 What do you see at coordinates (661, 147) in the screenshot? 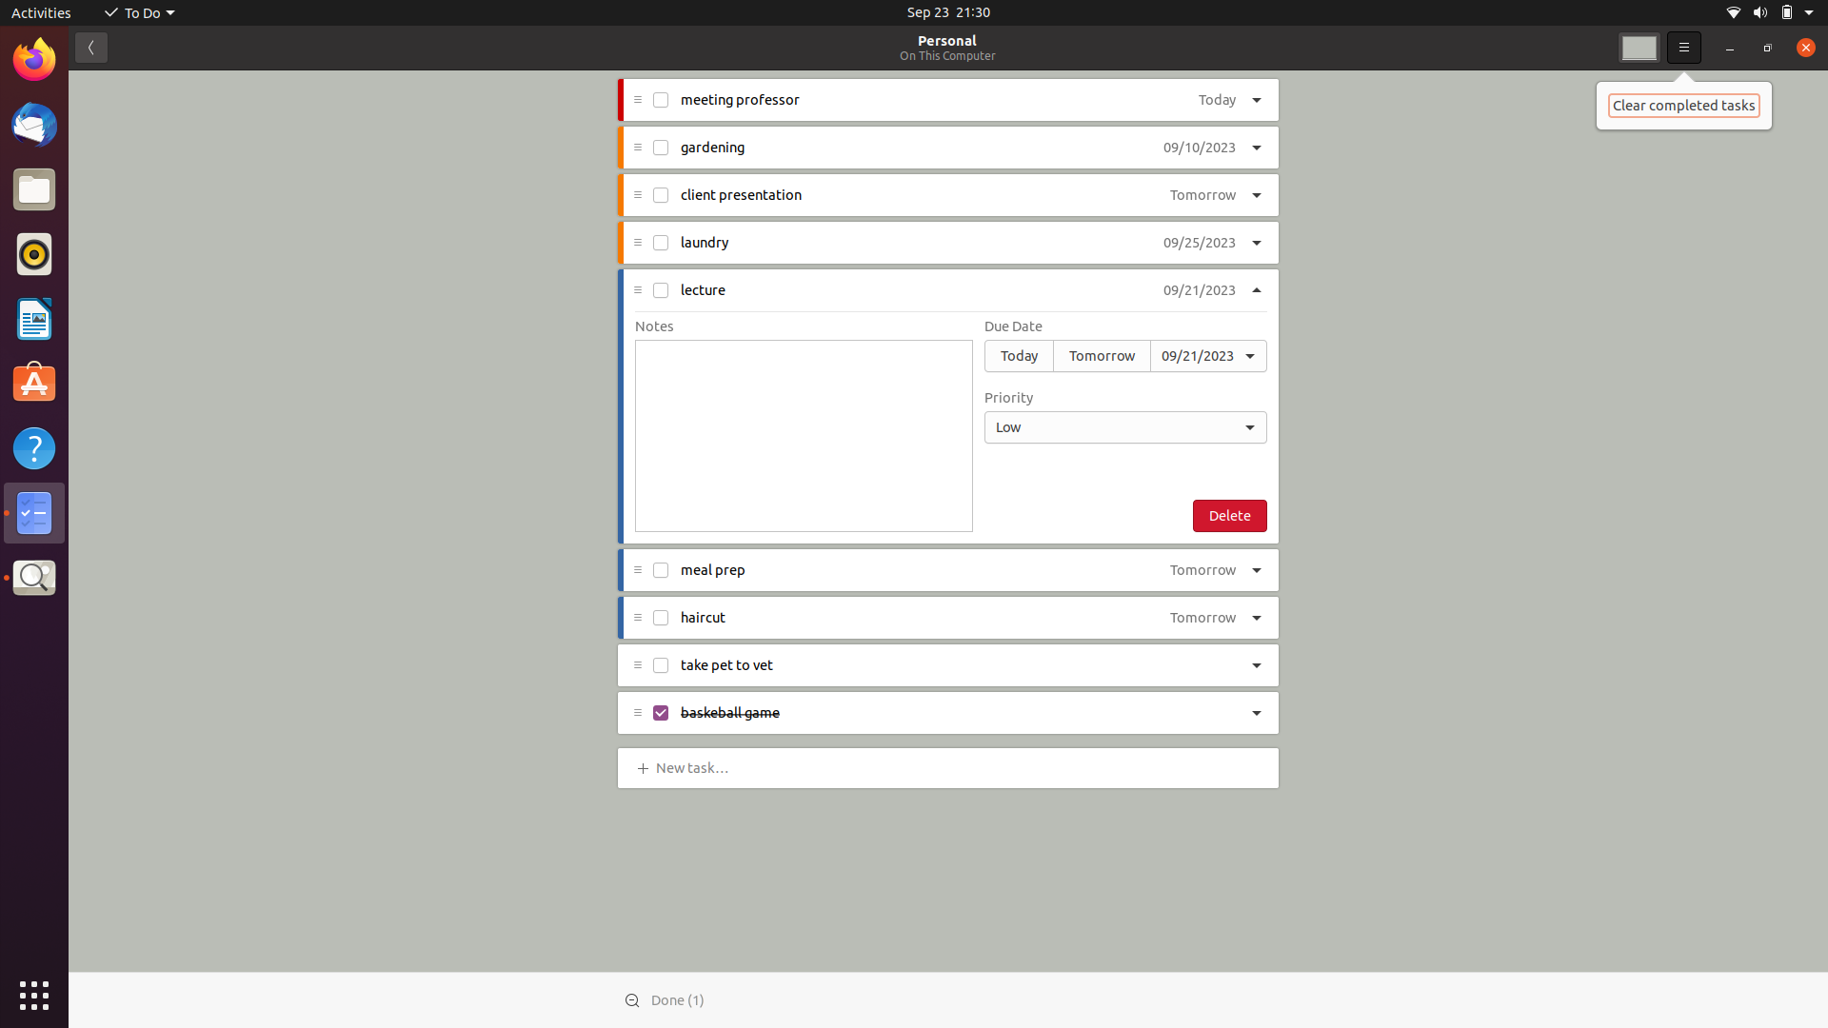
I see `Indicate completion of gardening task` at bounding box center [661, 147].